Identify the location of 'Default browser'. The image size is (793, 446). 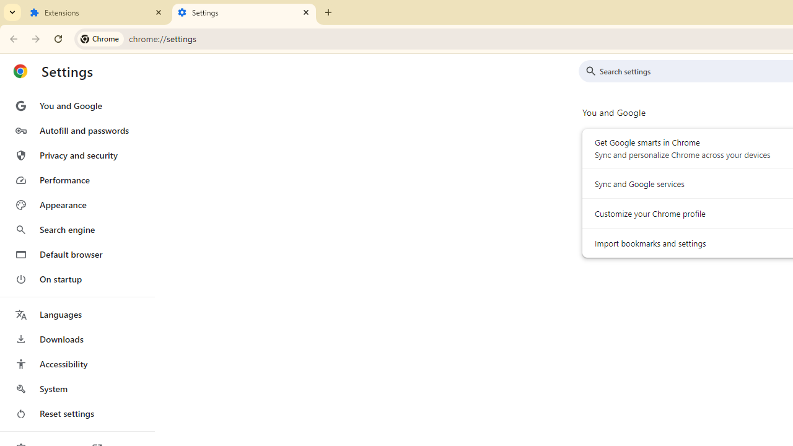
(76, 254).